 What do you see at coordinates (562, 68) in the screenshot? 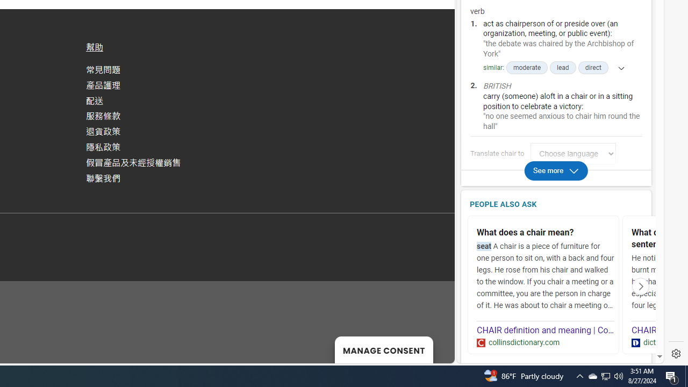
I see `'lead'` at bounding box center [562, 68].